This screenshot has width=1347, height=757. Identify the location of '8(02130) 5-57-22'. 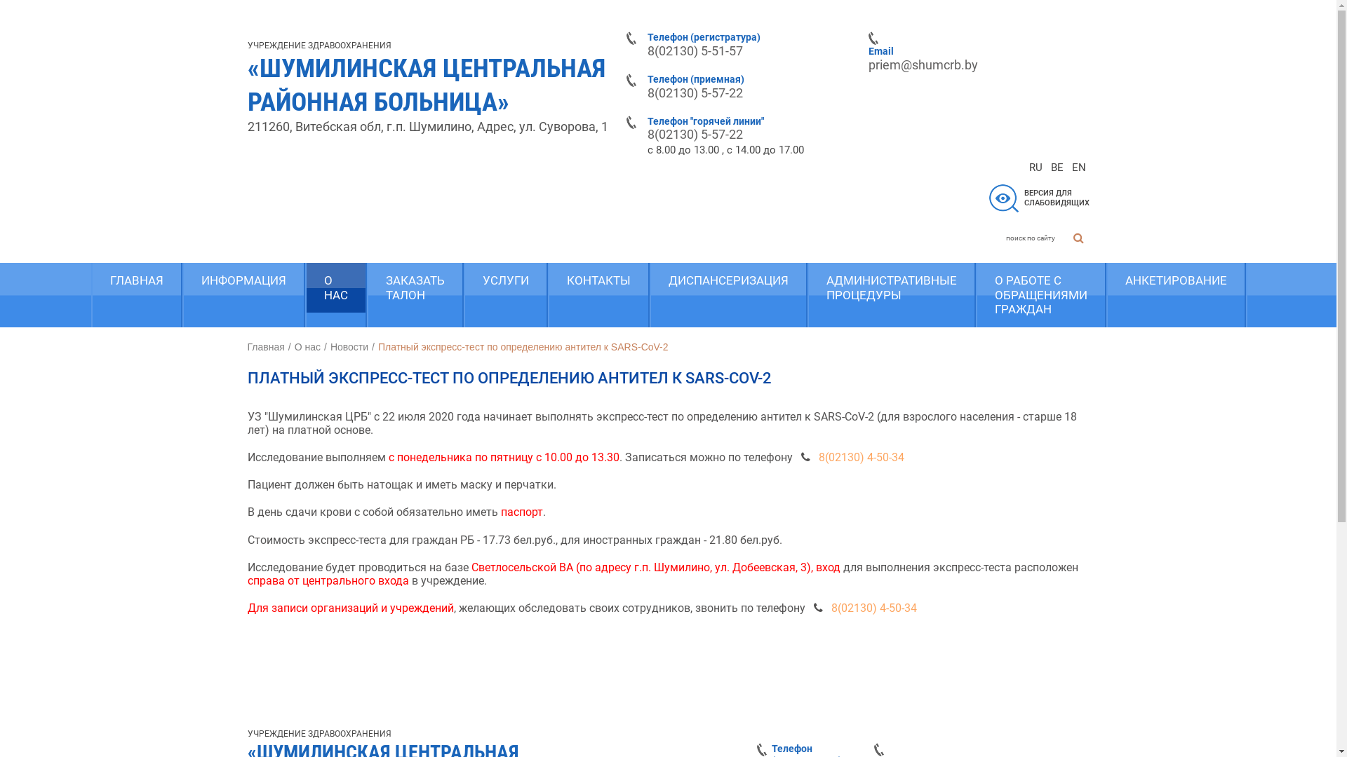
(694, 93).